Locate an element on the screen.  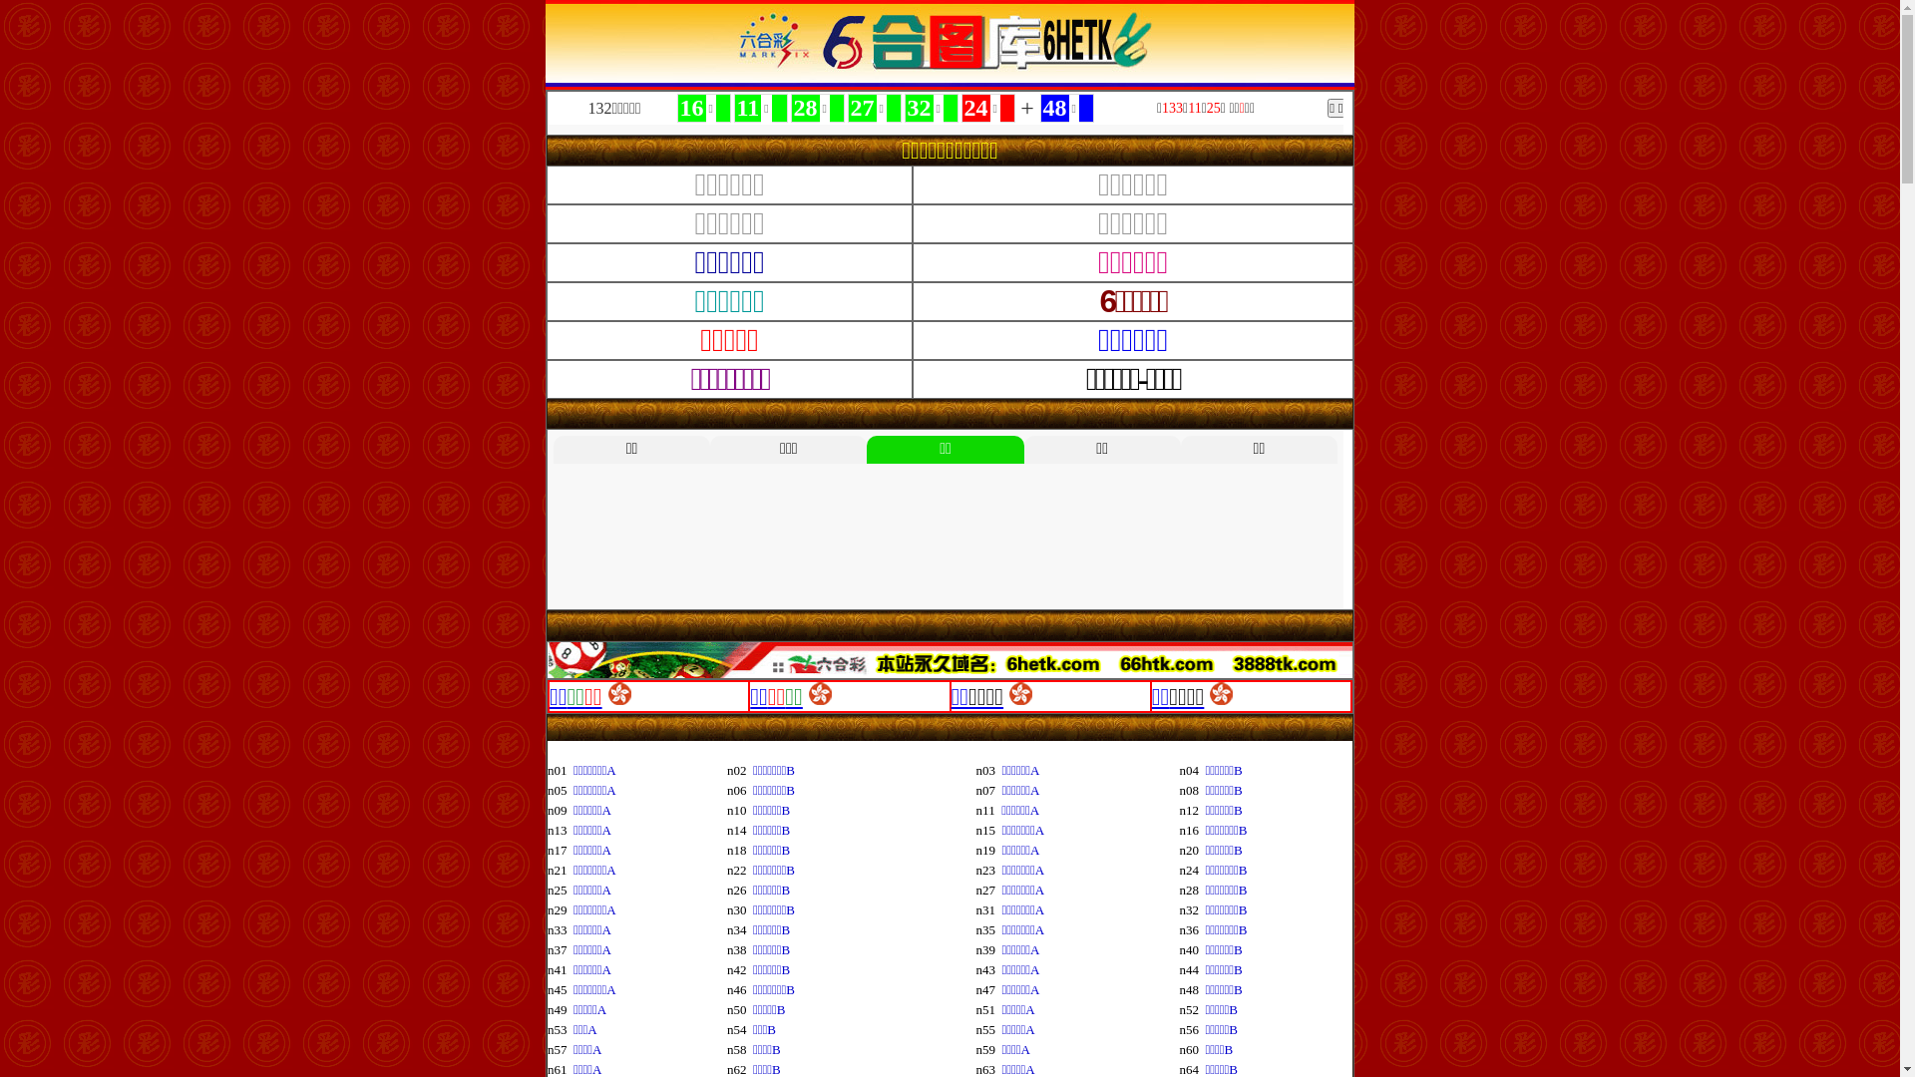
'n19 ' is located at coordinates (989, 850).